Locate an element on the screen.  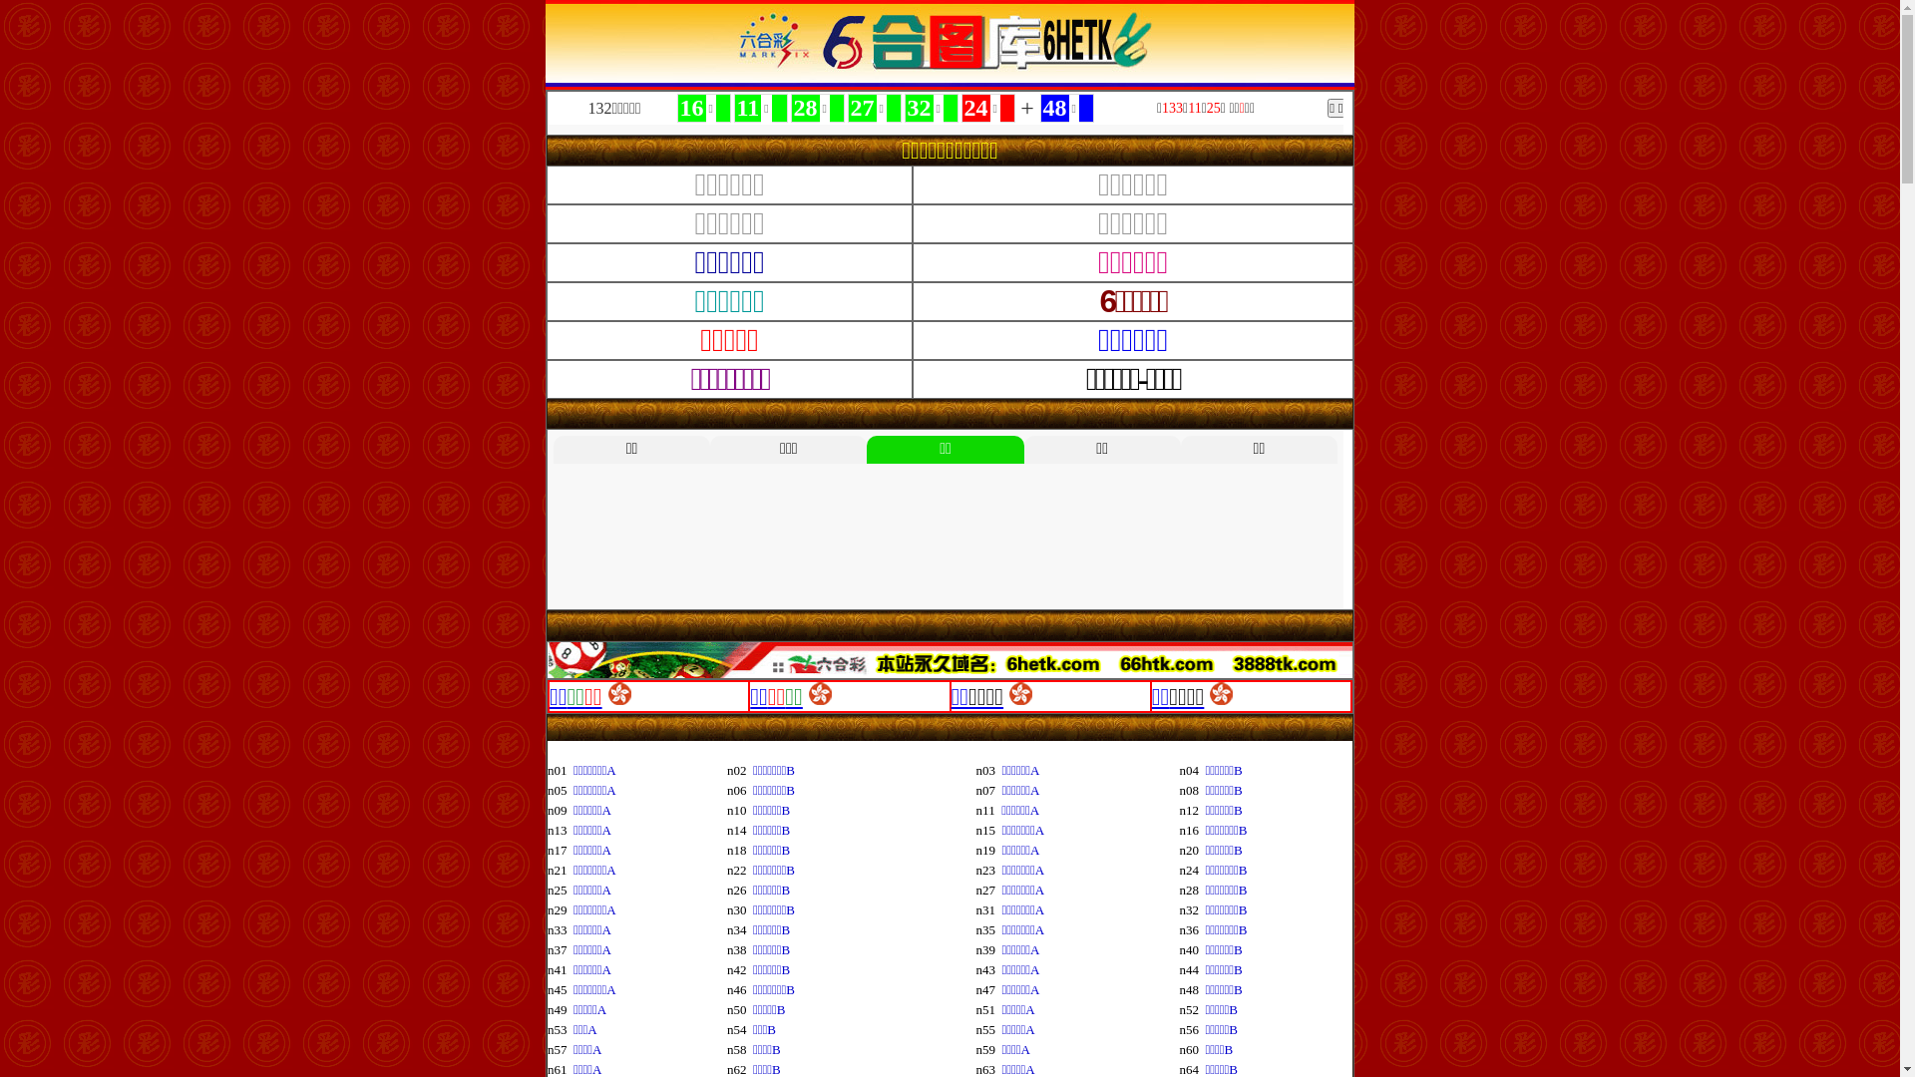
'n19 ' is located at coordinates (989, 850).